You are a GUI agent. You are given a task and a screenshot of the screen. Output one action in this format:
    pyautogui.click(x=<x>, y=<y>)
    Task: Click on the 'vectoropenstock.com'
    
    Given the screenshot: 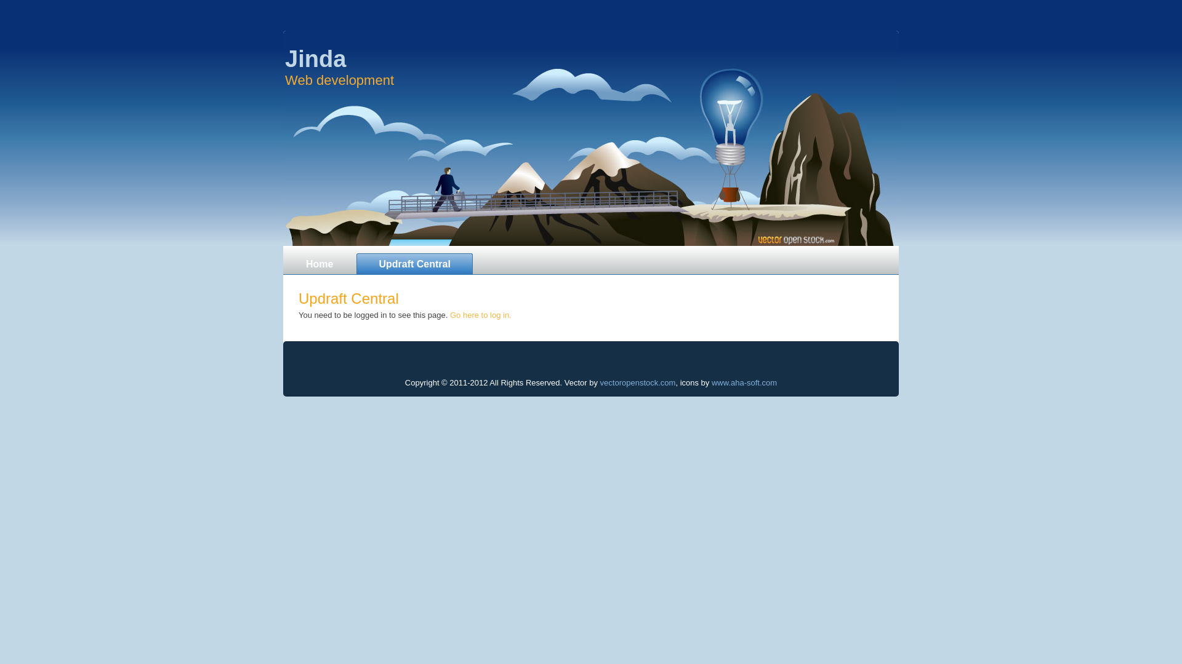 What is the action you would take?
    pyautogui.click(x=600, y=382)
    